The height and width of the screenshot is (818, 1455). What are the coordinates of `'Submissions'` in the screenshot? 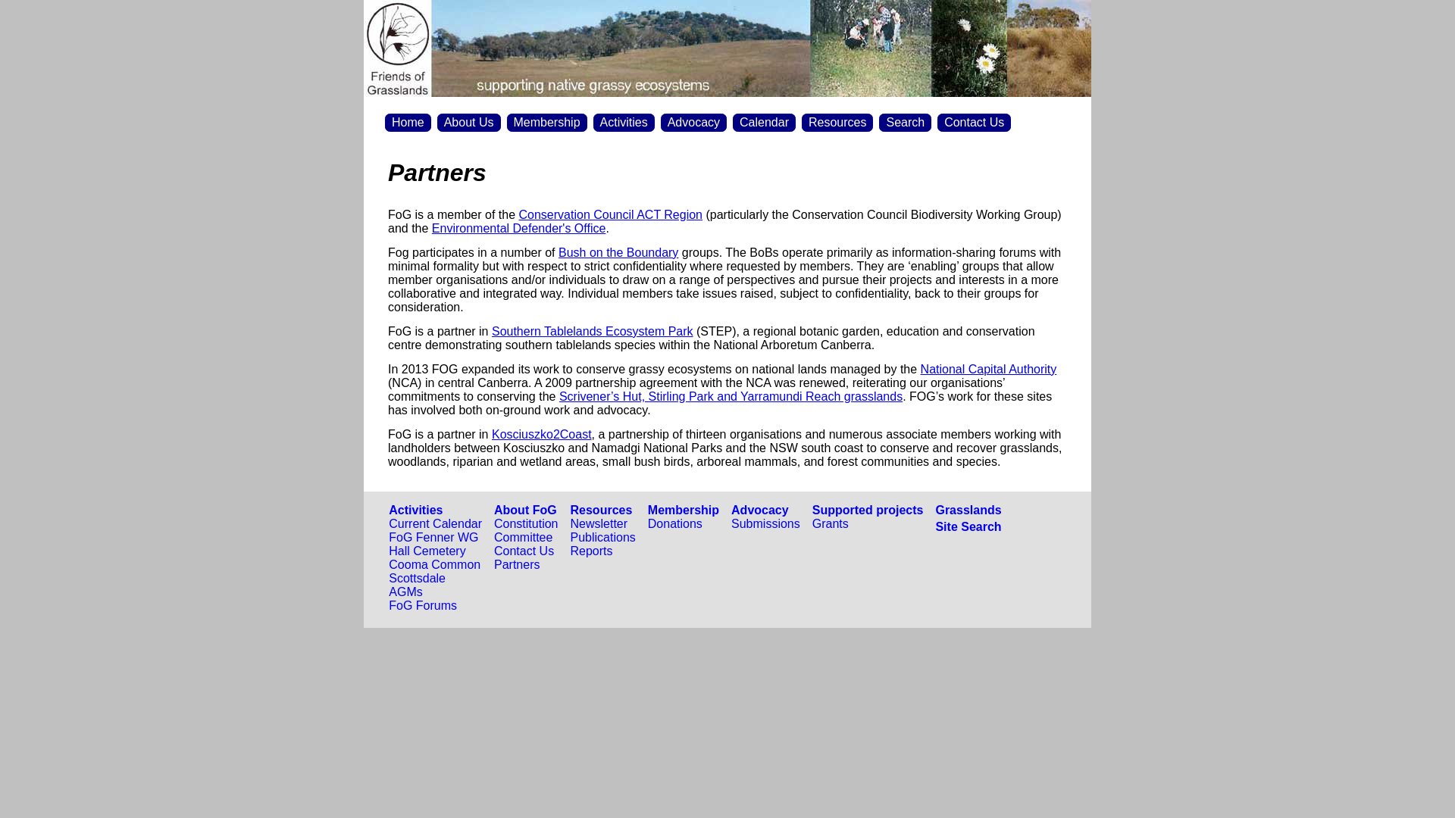 It's located at (765, 523).